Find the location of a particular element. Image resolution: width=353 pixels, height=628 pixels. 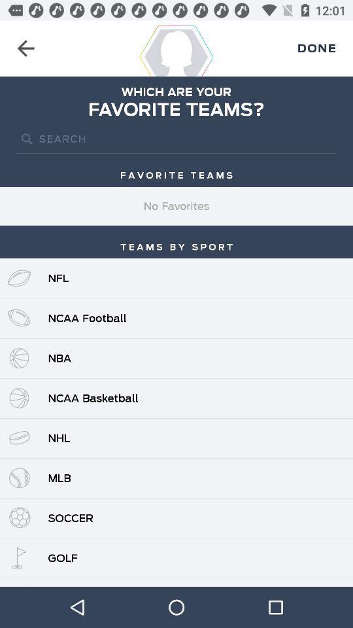

the arrow_backward icon is located at coordinates (25, 48).